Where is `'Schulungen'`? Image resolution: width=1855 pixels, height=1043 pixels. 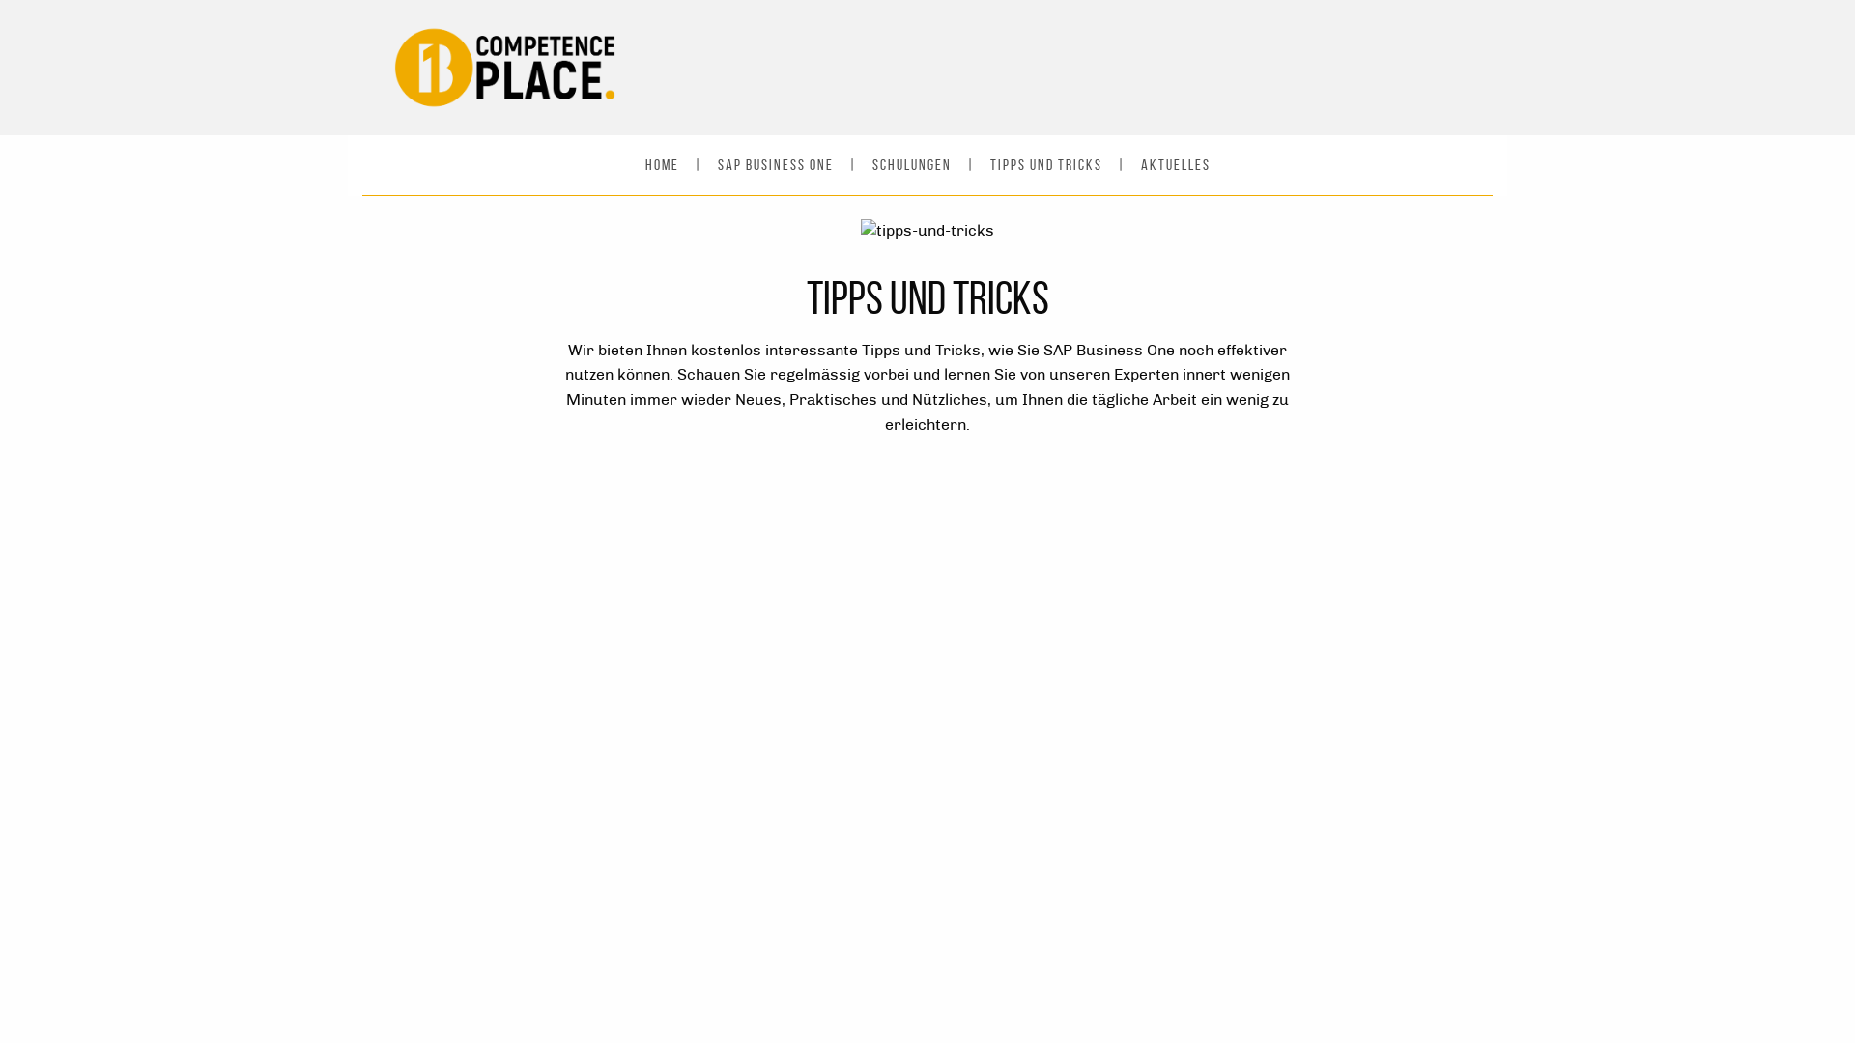
'Schulungen' is located at coordinates (909, 163).